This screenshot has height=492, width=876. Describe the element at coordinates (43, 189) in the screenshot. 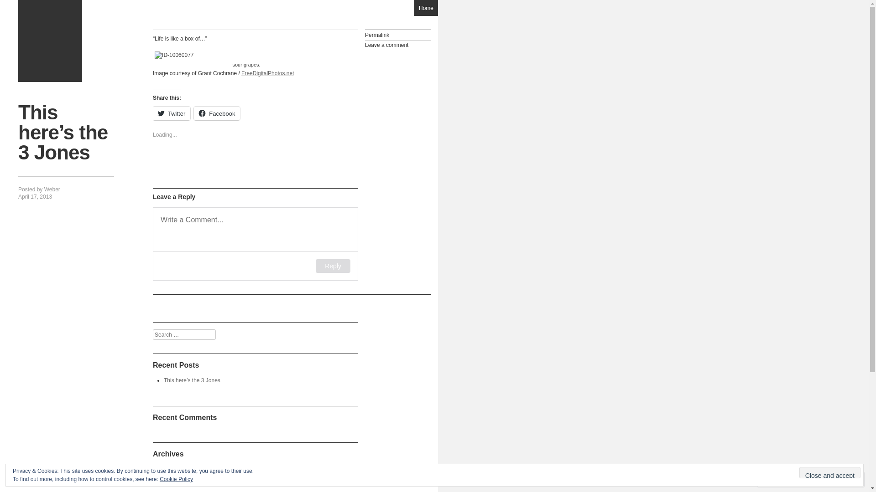

I see `'Weber'` at that location.